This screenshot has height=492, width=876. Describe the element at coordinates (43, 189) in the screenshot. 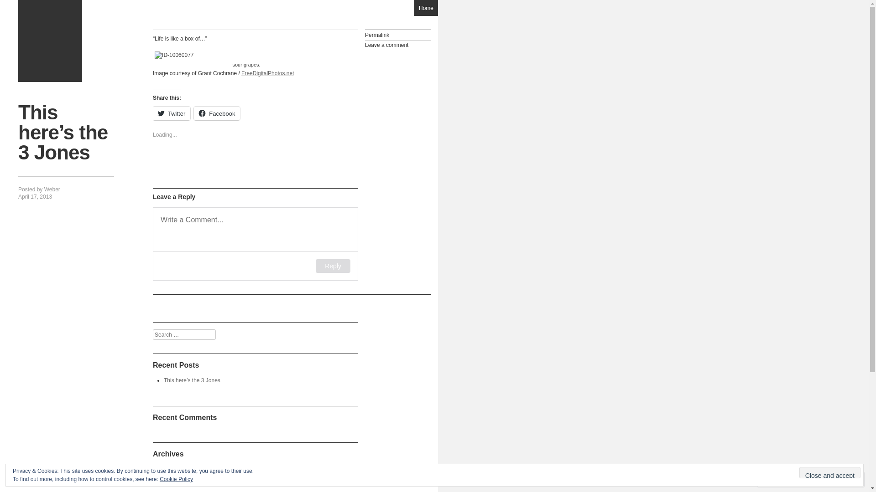

I see `'Weber'` at that location.